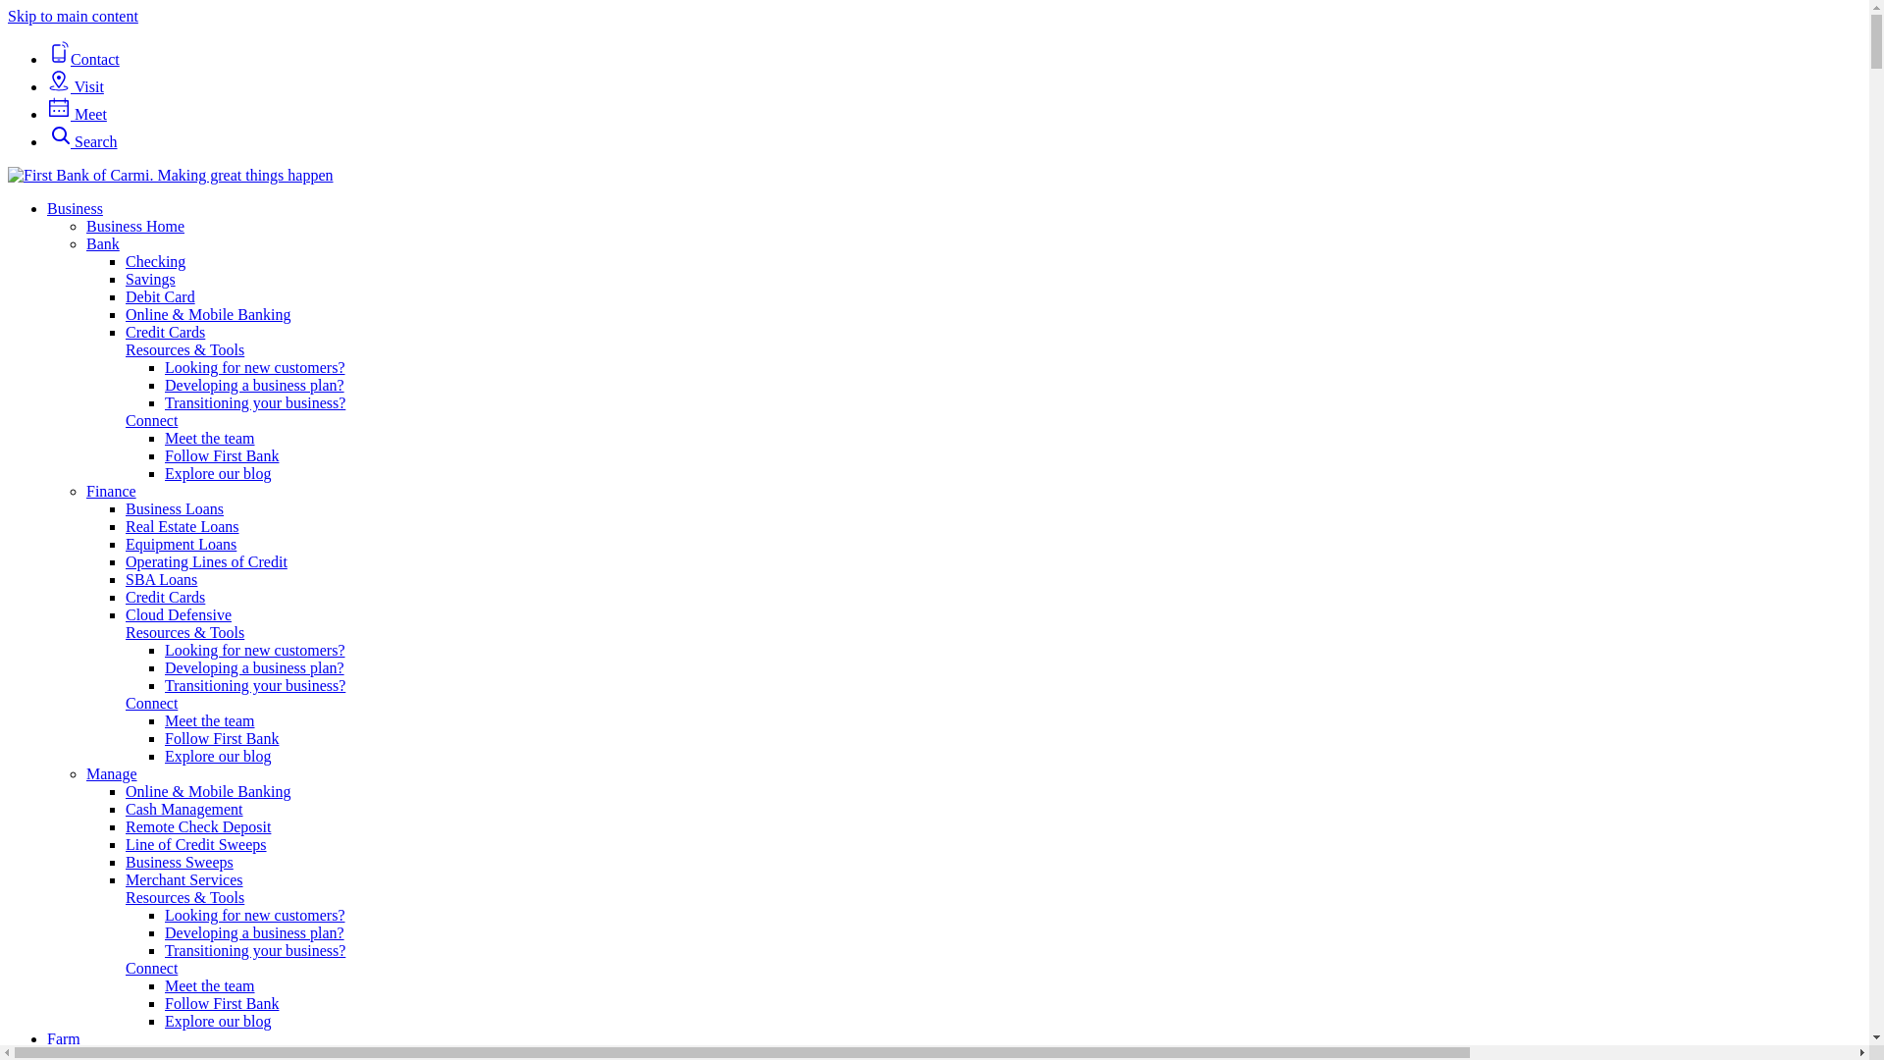 This screenshot has height=1060, width=1884. What do you see at coordinates (150, 967) in the screenshot?
I see `'Connect'` at bounding box center [150, 967].